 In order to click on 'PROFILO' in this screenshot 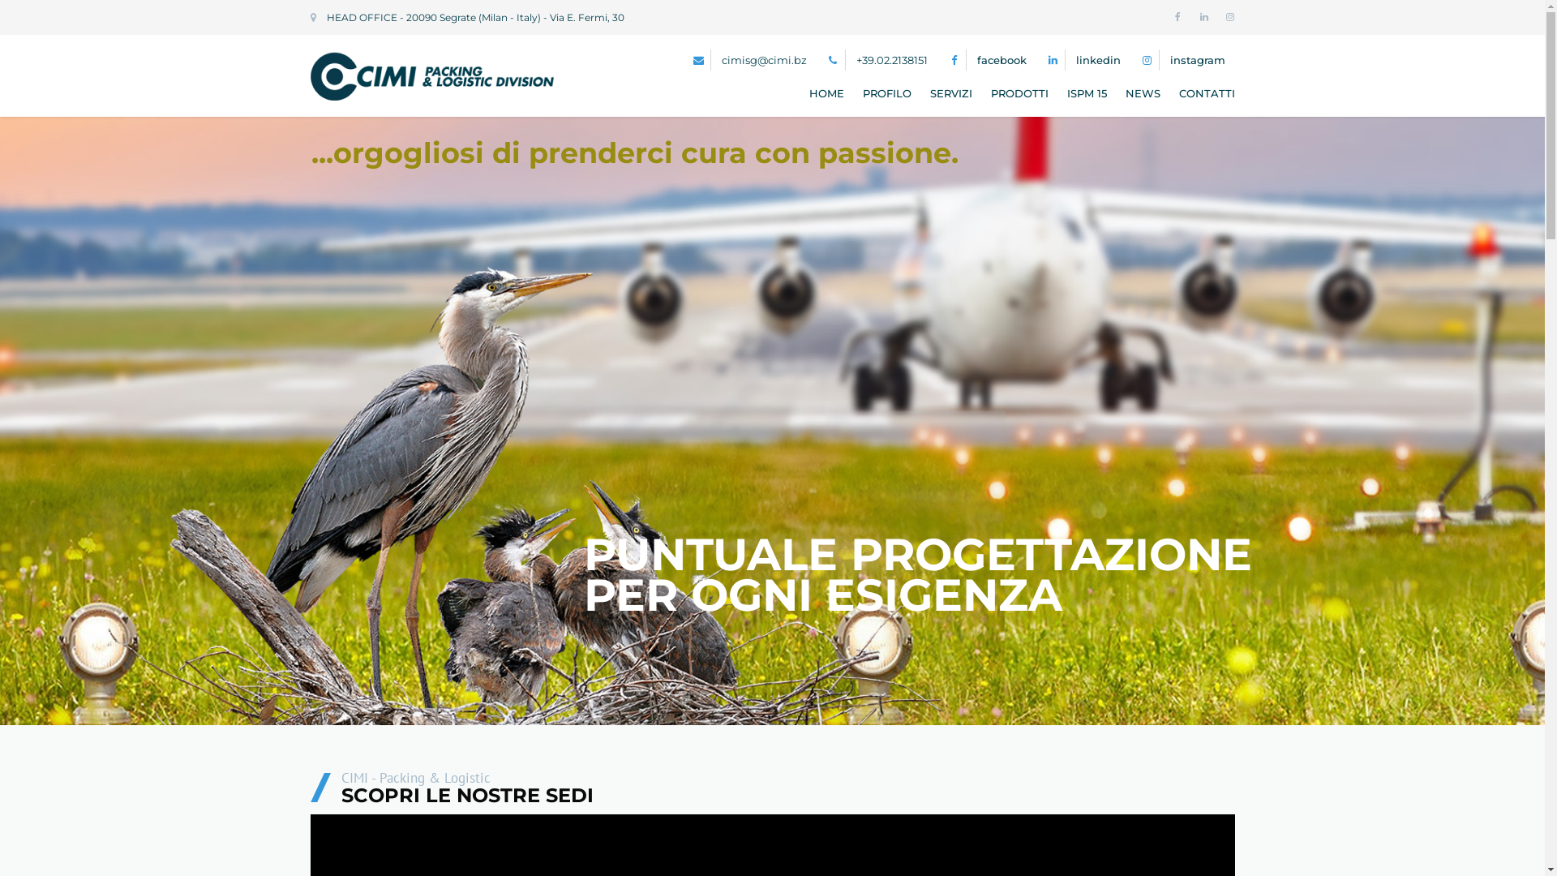, I will do `click(886, 93)`.